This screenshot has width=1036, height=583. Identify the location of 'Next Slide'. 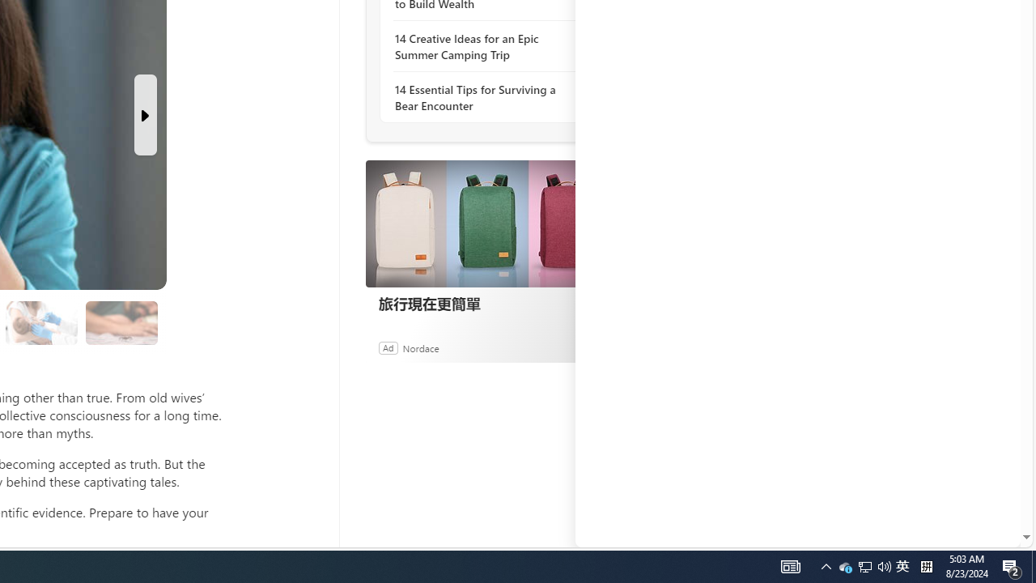
(145, 114).